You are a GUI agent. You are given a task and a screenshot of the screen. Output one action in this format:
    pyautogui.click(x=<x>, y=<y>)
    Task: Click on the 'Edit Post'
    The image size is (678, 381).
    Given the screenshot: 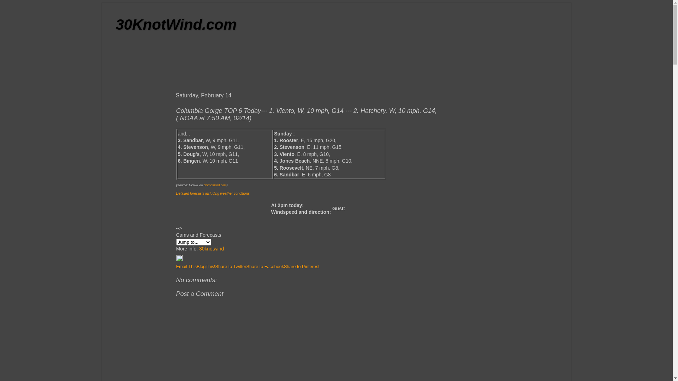 What is the action you would take?
    pyautogui.click(x=179, y=260)
    